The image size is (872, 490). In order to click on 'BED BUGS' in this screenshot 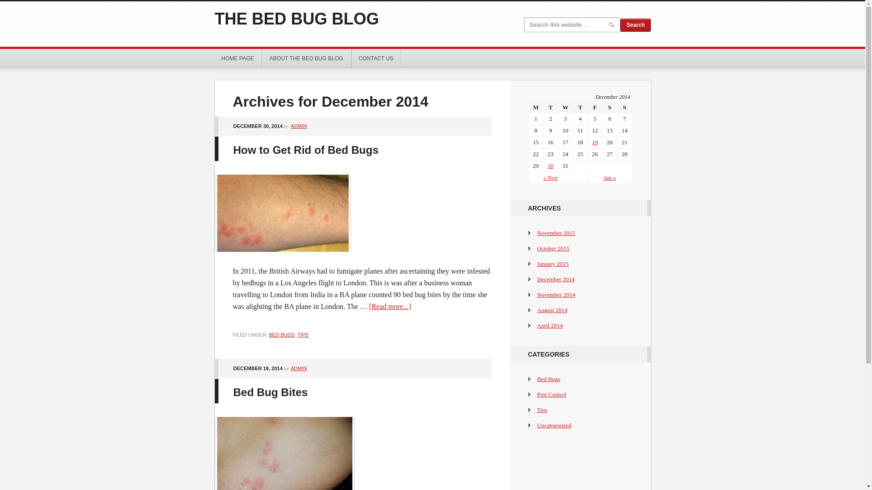, I will do `click(281, 334)`.